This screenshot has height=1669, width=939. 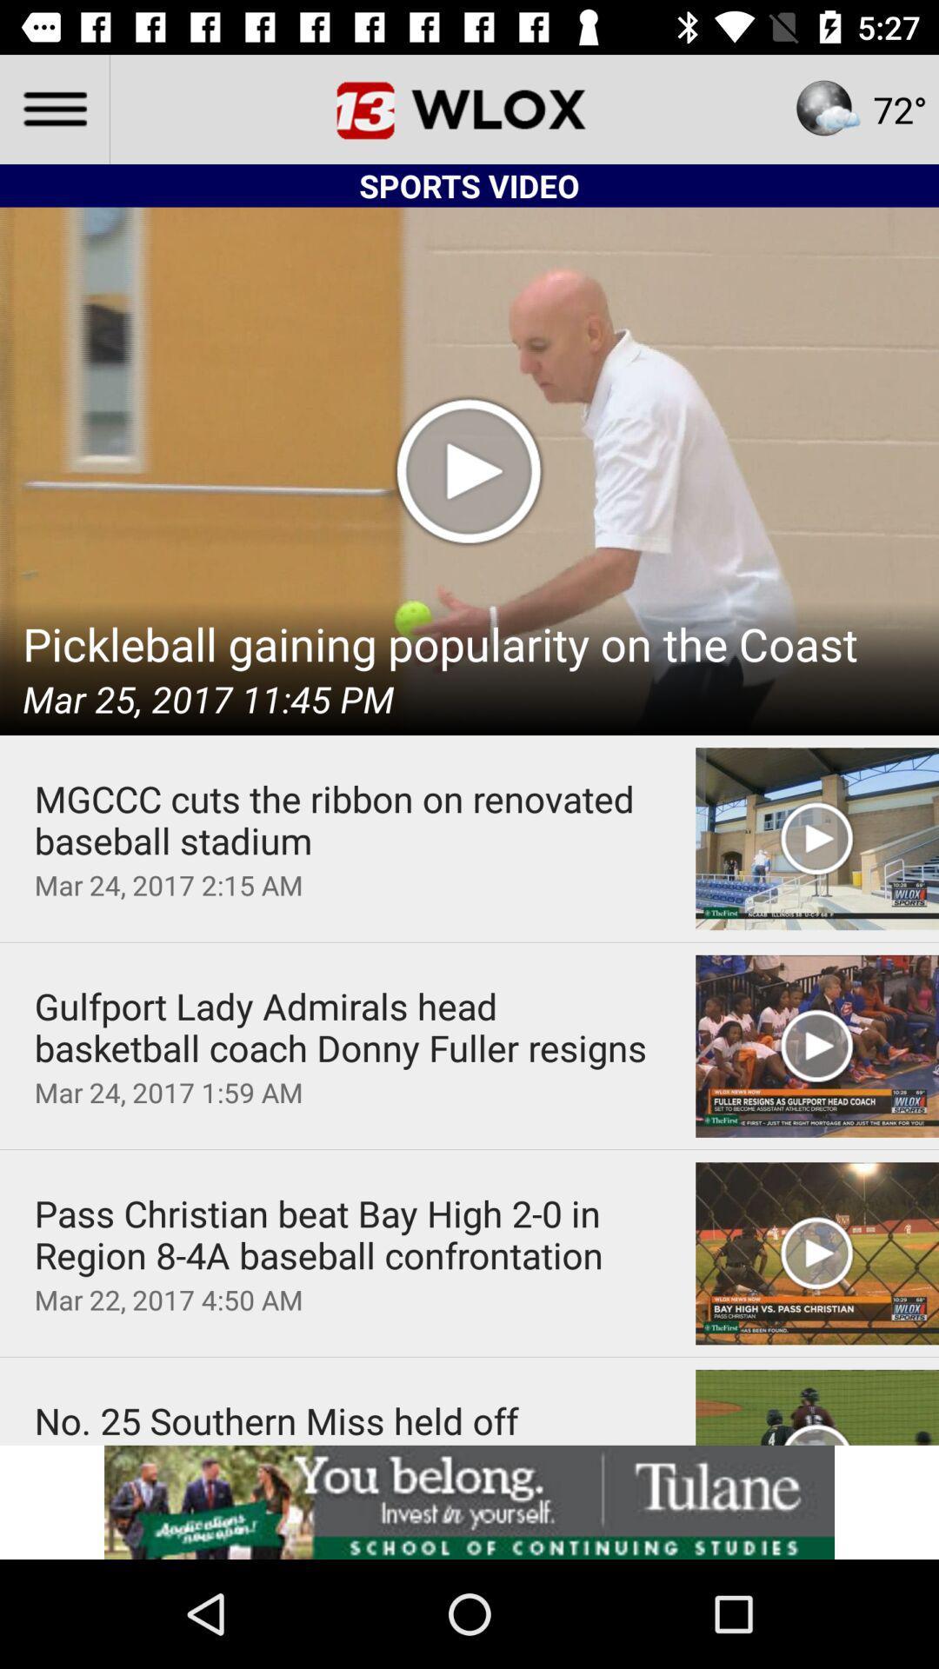 What do you see at coordinates (53, 108) in the screenshot?
I see `the menu icon` at bounding box center [53, 108].